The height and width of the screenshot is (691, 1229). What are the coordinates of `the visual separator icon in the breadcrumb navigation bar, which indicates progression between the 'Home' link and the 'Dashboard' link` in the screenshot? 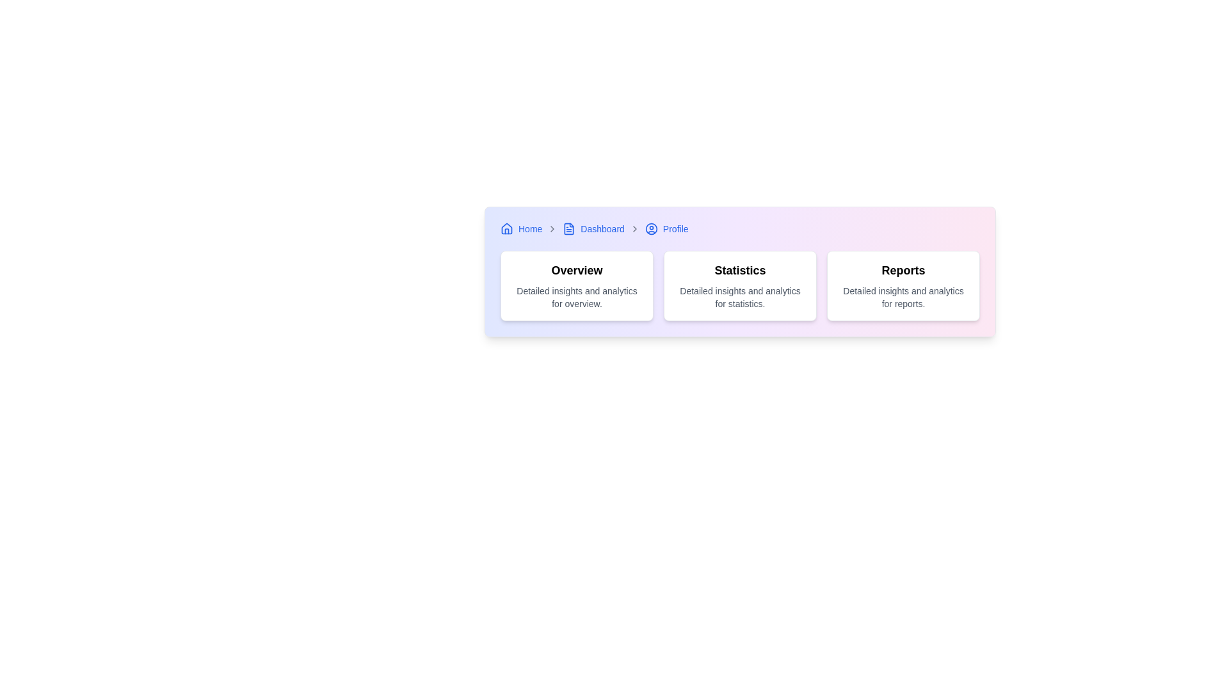 It's located at (552, 228).